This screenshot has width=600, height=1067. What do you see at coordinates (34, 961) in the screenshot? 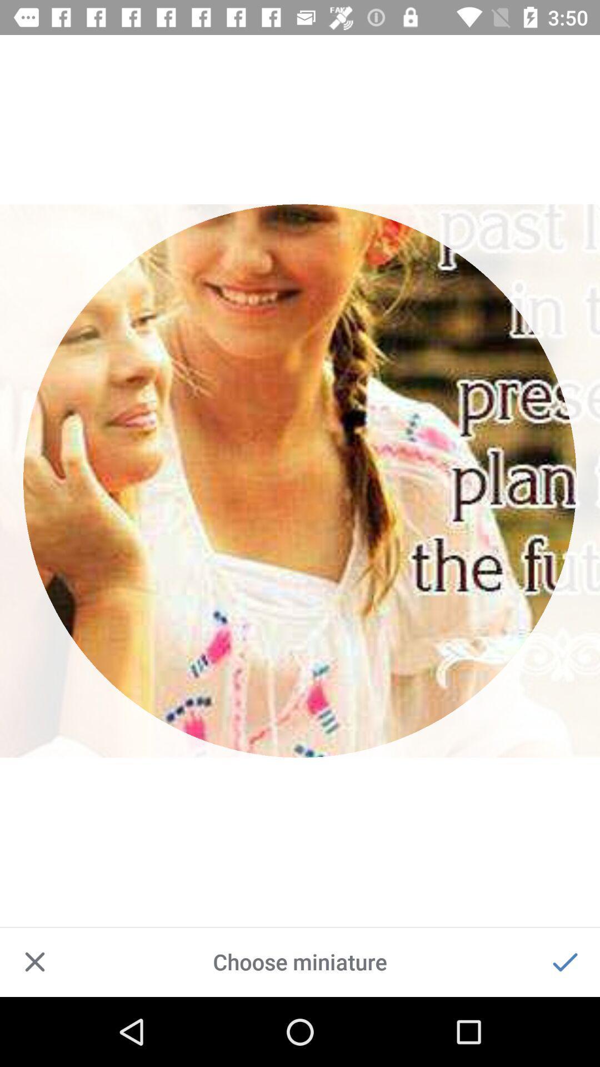
I see `dismiss` at bounding box center [34, 961].